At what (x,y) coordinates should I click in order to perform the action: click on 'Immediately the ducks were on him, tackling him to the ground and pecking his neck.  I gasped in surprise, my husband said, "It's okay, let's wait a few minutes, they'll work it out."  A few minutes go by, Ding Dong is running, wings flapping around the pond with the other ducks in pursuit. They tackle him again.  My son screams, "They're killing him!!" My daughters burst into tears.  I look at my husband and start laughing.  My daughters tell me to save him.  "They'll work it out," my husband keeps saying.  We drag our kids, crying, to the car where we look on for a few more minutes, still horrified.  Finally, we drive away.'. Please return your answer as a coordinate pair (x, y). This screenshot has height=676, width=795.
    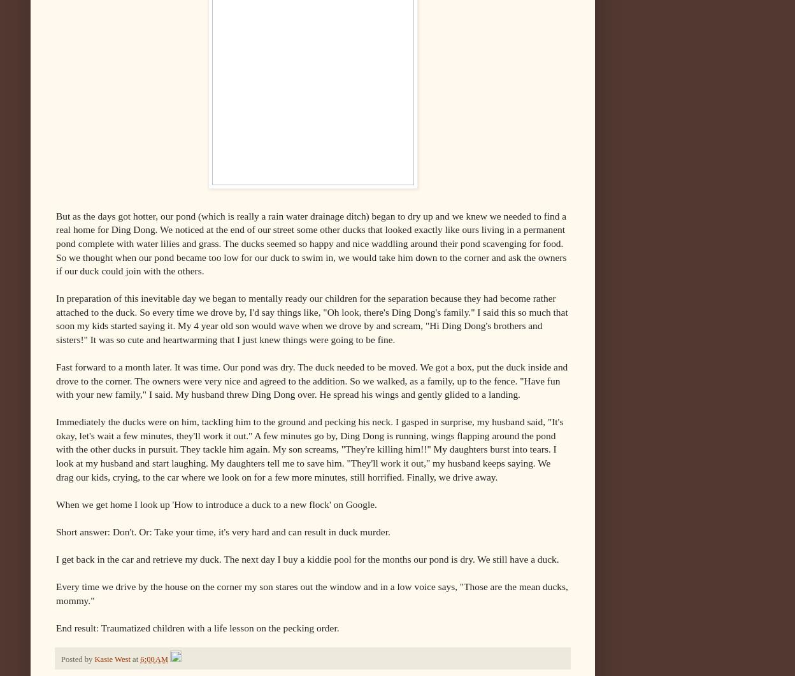
    Looking at the image, I should click on (308, 449).